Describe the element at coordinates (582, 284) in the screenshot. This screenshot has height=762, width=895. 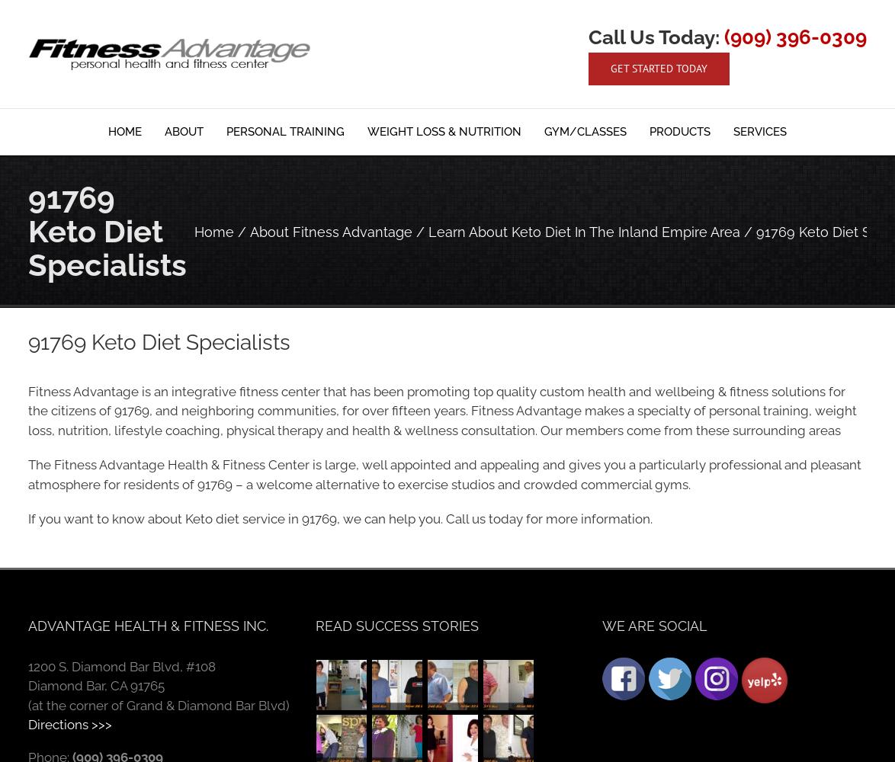
I see `'Massage'` at that location.